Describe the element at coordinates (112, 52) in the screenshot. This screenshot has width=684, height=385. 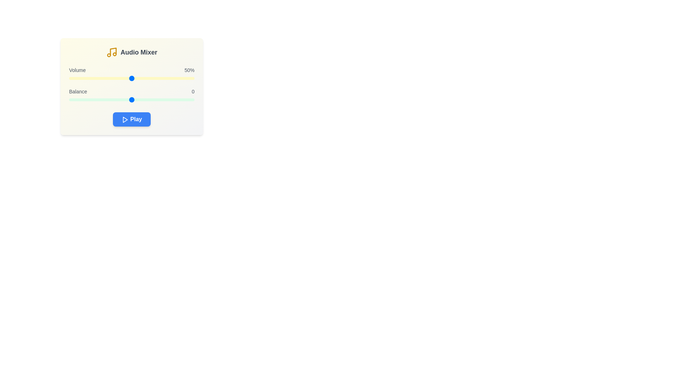
I see `the yellow musical note icon located to the left of the 'Audio Mixer' label in the header area of the card` at that location.